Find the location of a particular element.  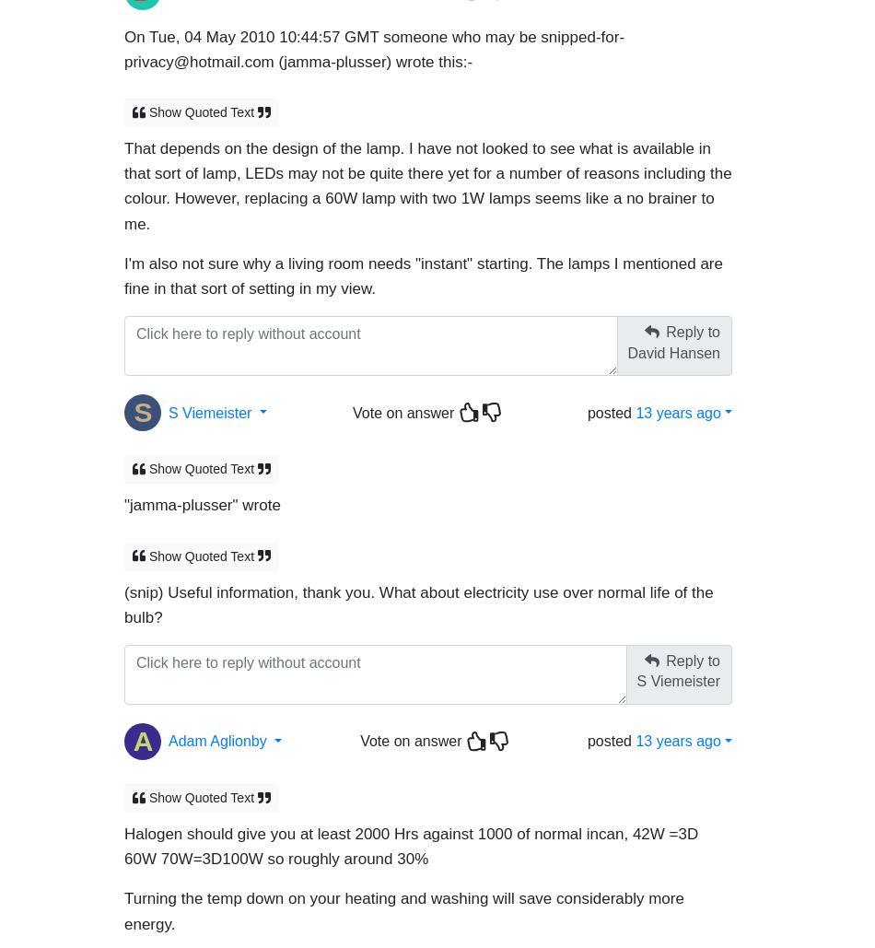

'Adam Aglionby' is located at coordinates (168, 732).